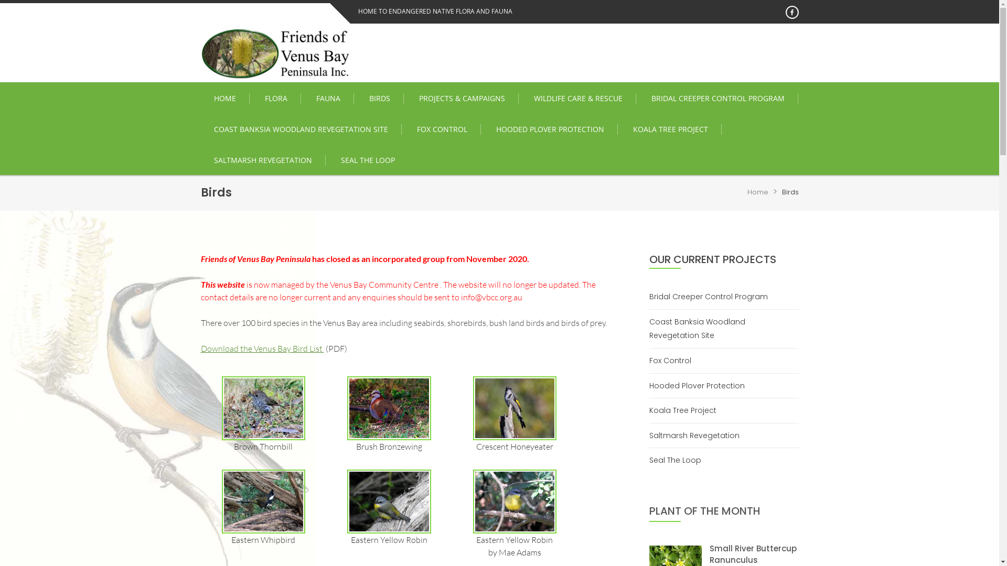 Image resolution: width=1007 pixels, height=566 pixels. Describe the element at coordinates (367, 160) in the screenshot. I see `'SEAL THE LOOP'` at that location.